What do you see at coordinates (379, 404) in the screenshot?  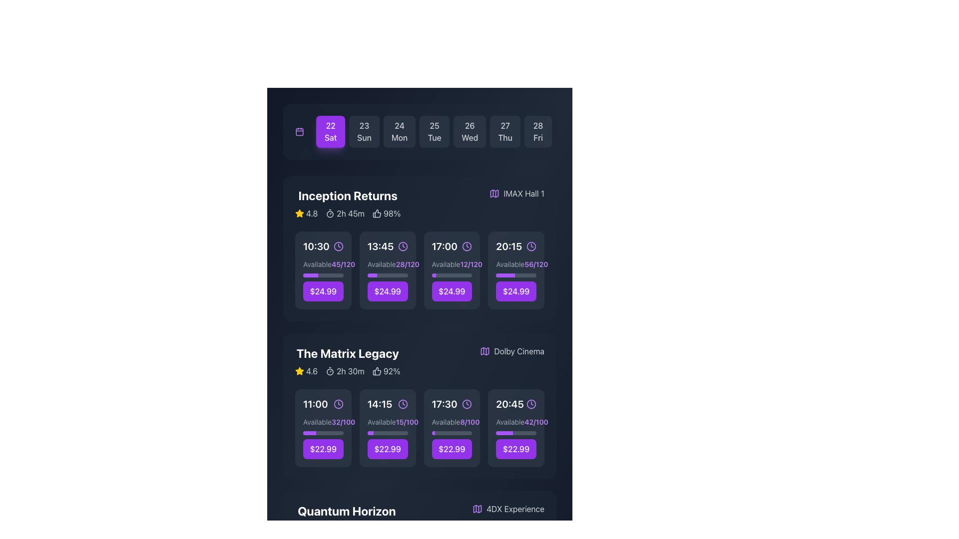 I see `the text label displaying '14:15' in white font, which is the second time slot for 'The Matrix Legacy', positioned between '11:00' and '17:30'` at bounding box center [379, 404].